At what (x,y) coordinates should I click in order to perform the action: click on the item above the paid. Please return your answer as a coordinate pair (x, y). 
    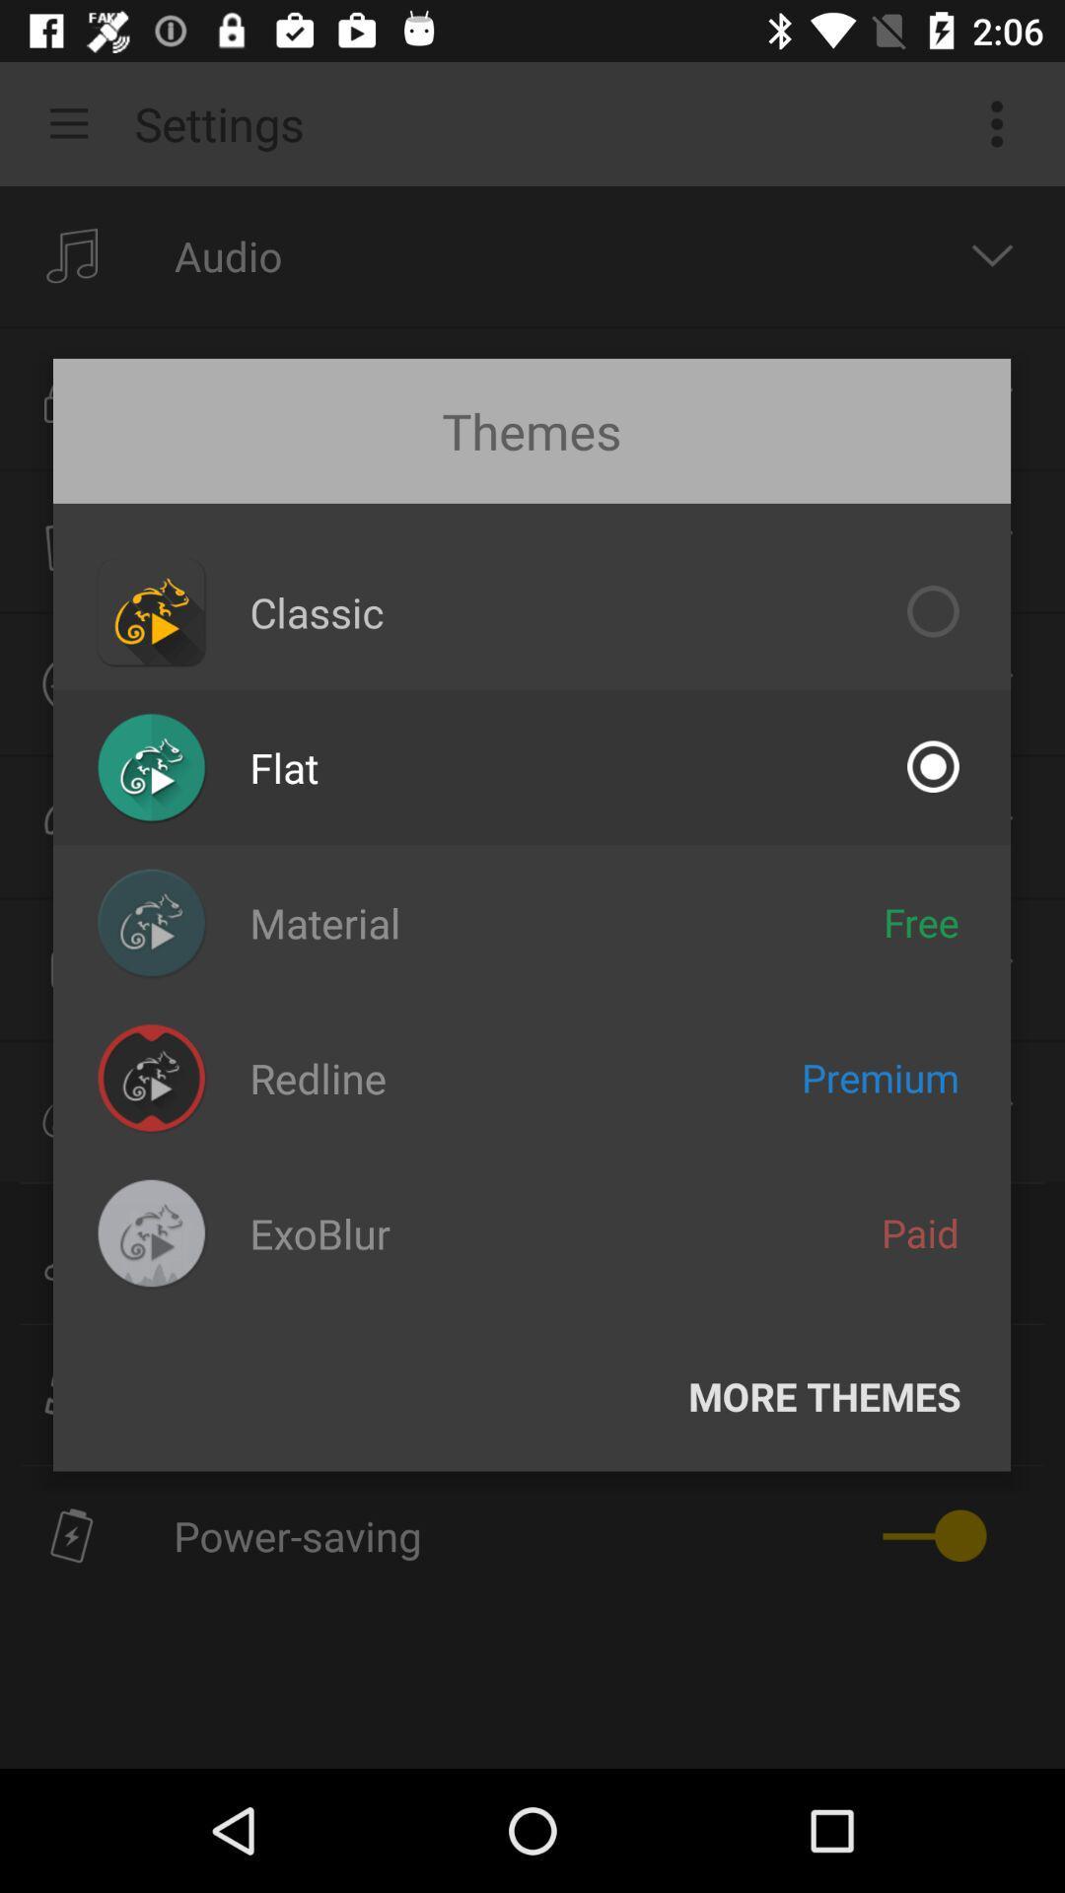
    Looking at the image, I should click on (880, 1077).